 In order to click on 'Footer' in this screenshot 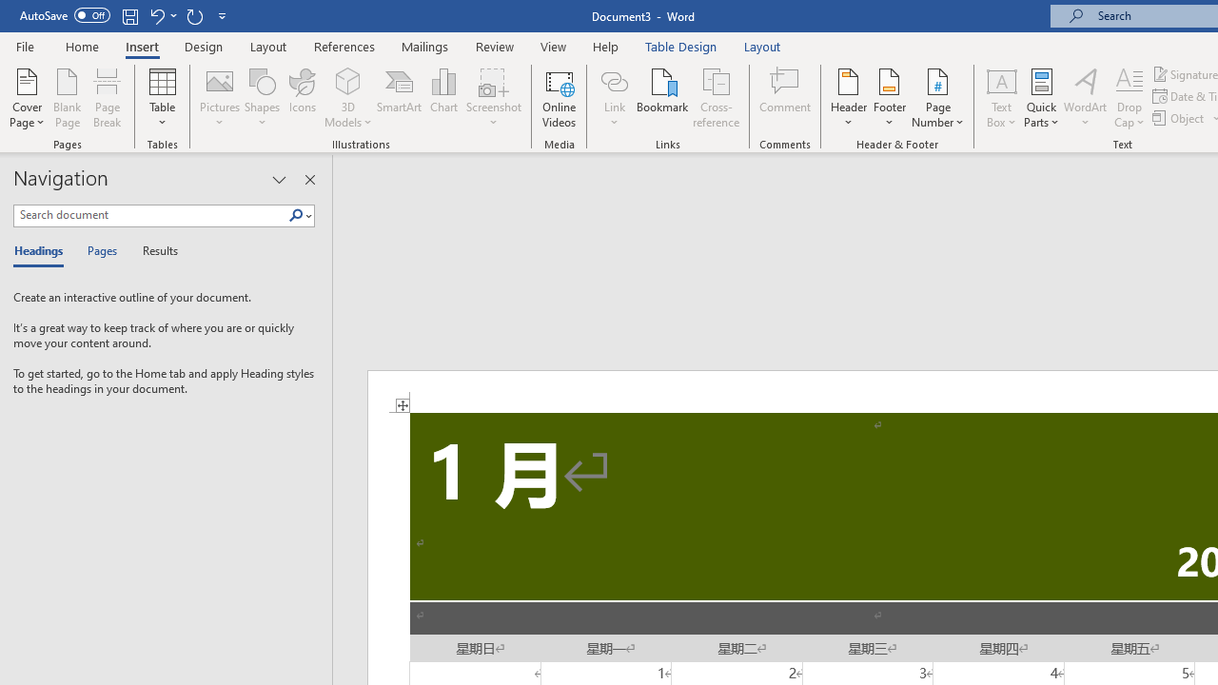, I will do `click(889, 98)`.